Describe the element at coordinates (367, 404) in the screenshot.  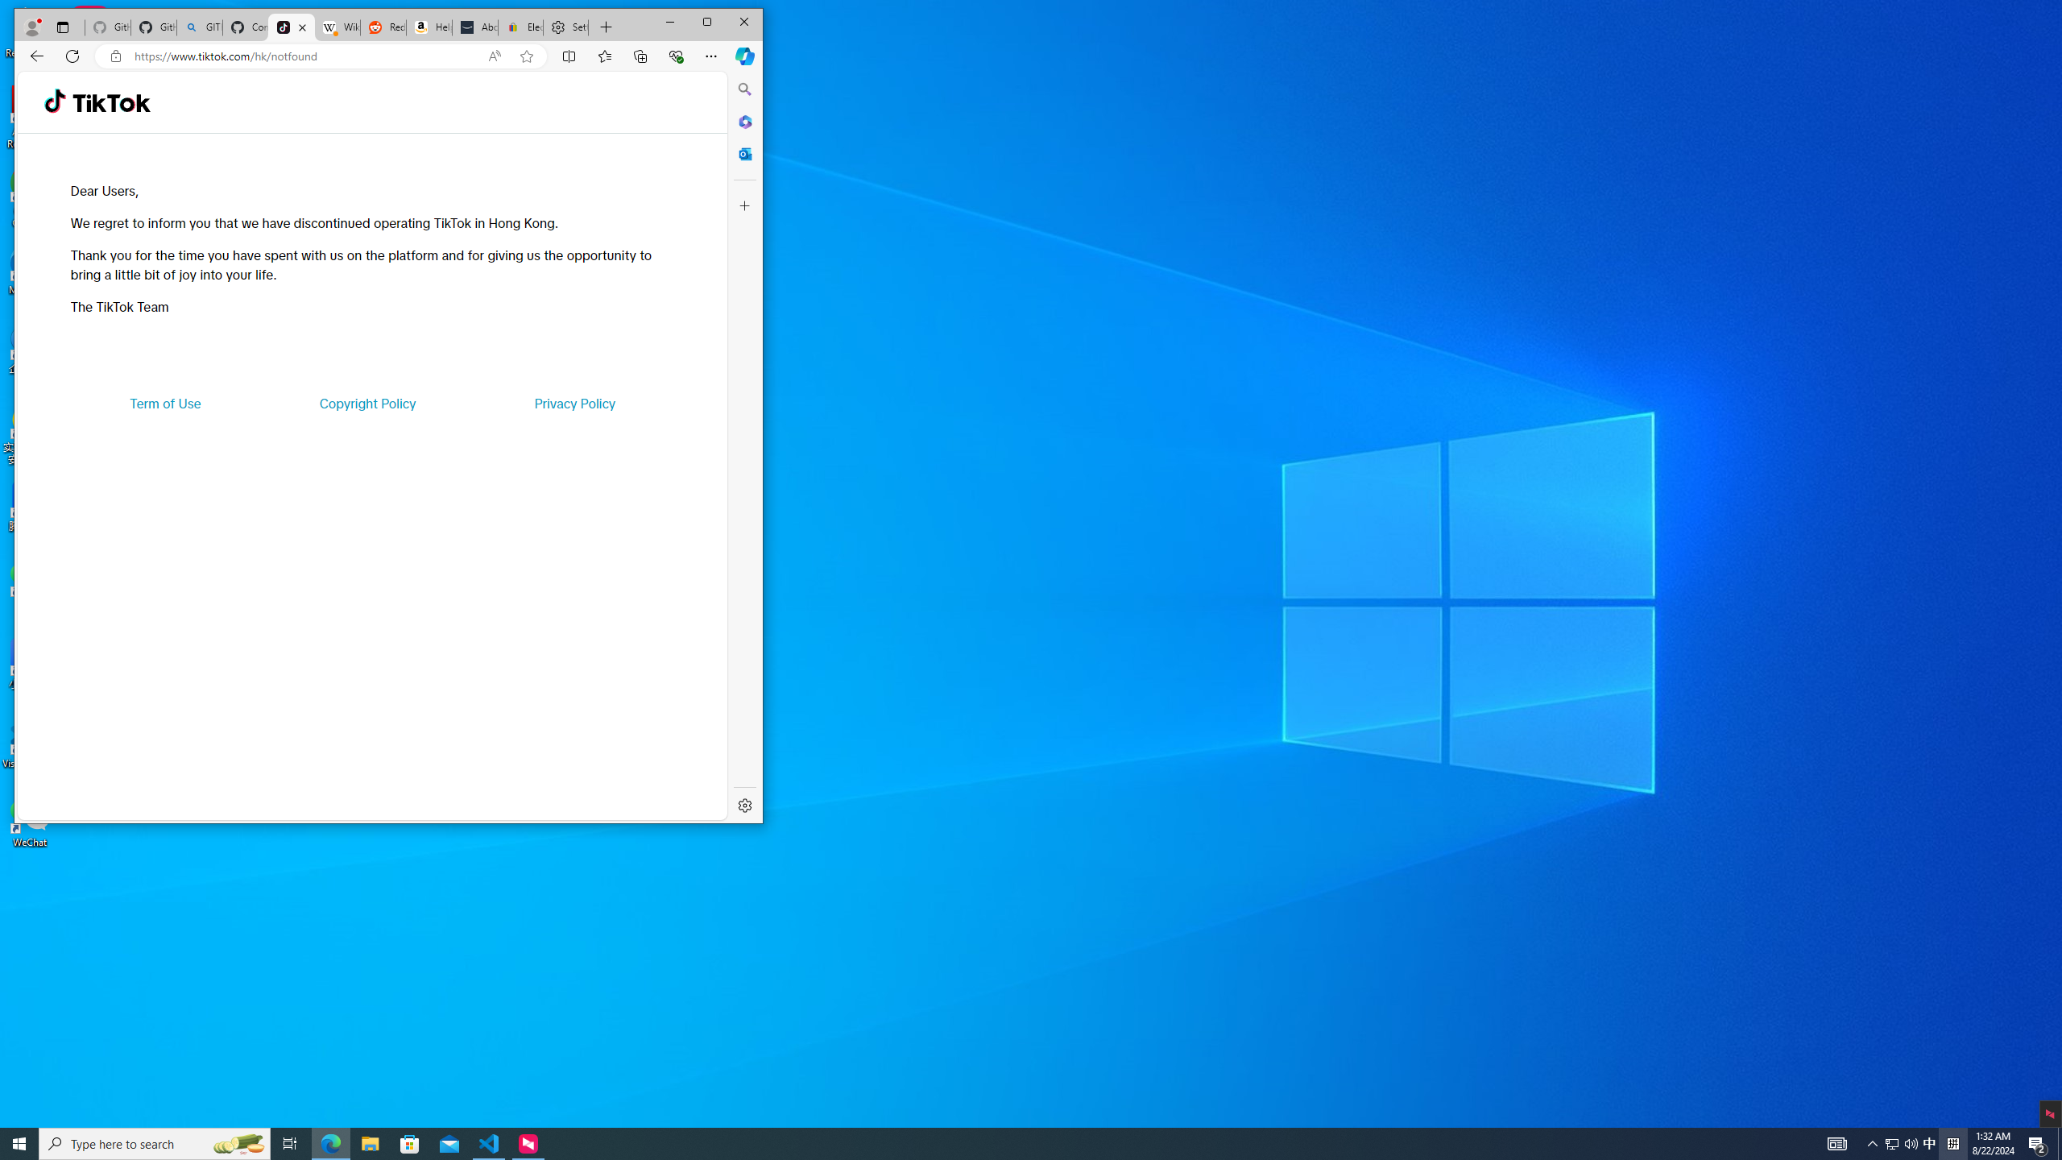
I see `'Copyright Policy'` at that location.